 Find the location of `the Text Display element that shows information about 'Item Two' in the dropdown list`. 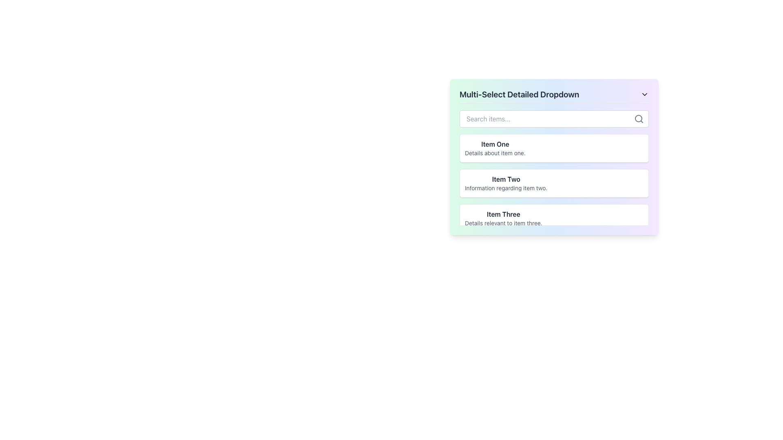

the Text Display element that shows information about 'Item Two' in the dropdown list is located at coordinates (506, 183).